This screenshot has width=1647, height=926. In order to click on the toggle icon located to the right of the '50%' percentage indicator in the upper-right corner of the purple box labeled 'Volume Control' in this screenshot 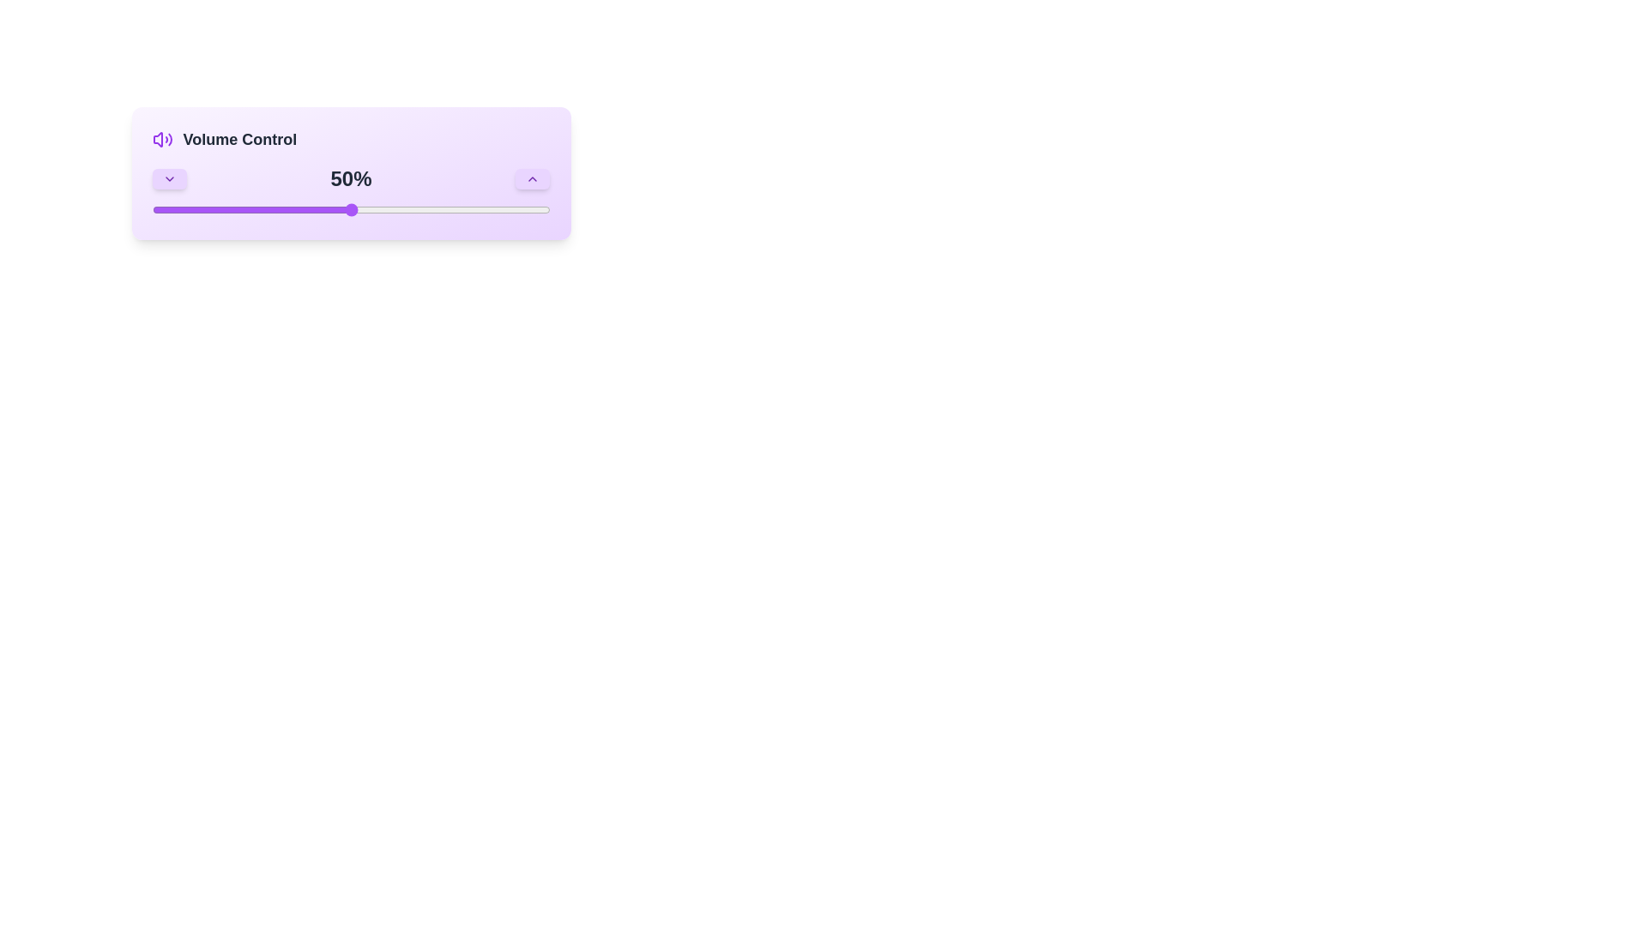, I will do `click(169, 178)`.